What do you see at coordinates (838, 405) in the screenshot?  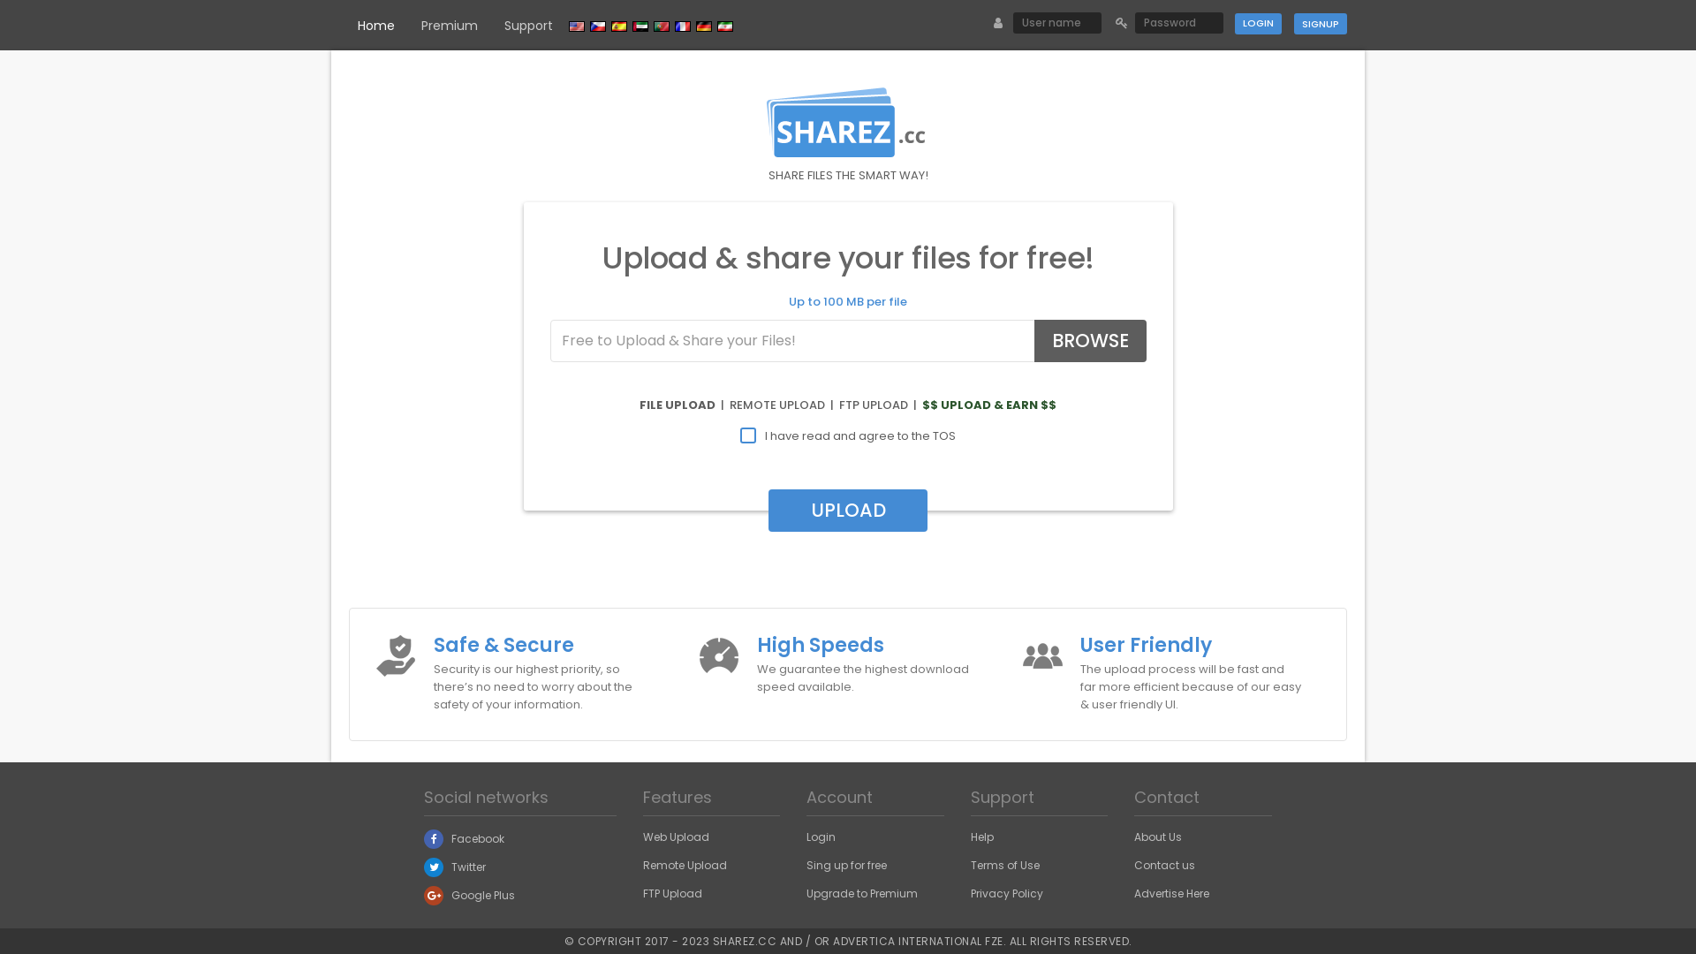 I see `'FTP UPLOAD'` at bounding box center [838, 405].